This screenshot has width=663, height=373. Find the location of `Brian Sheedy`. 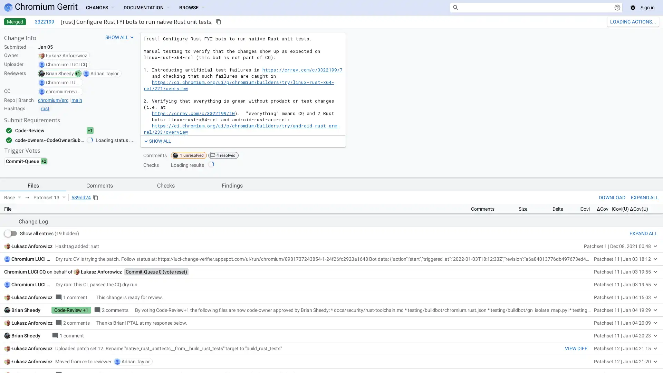

Brian Sheedy is located at coordinates (60, 73).